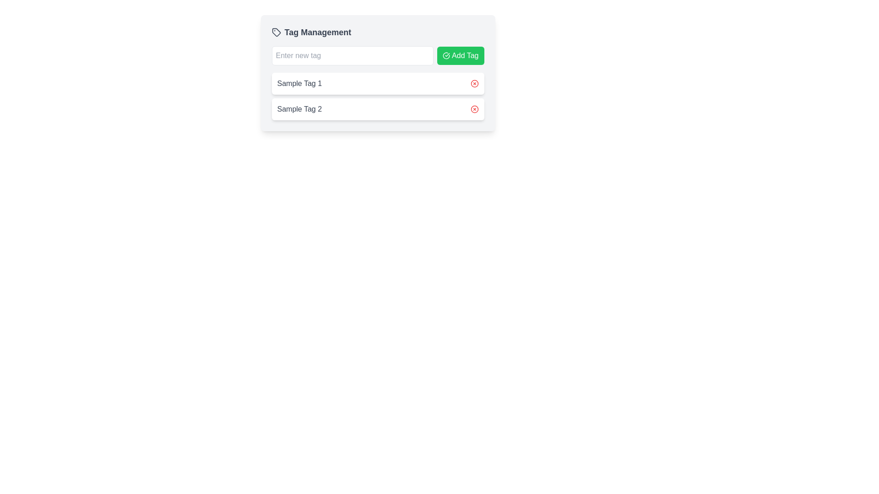  Describe the element at coordinates (276, 32) in the screenshot. I see `the icon located to the left of the 'Tag Management' heading, which serves as a visual indicator for the section` at that location.